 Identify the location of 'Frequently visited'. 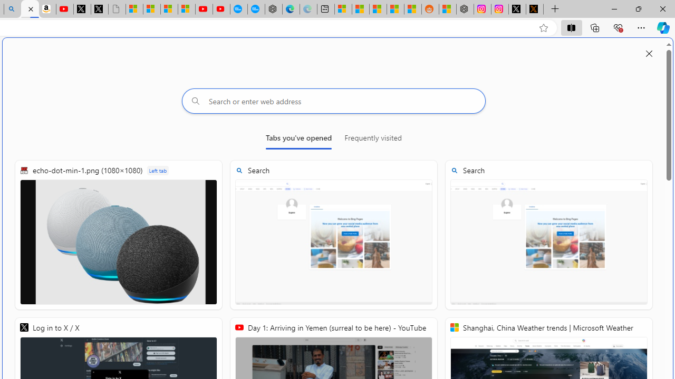
(373, 139).